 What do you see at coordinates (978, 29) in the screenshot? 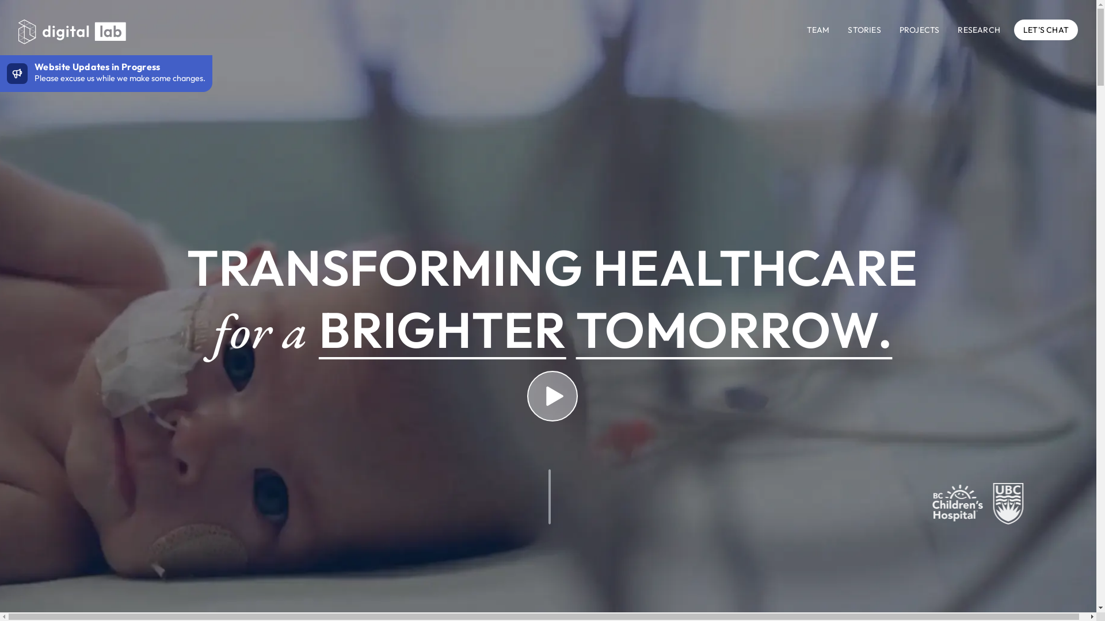
I see `'RESEARCH'` at bounding box center [978, 29].